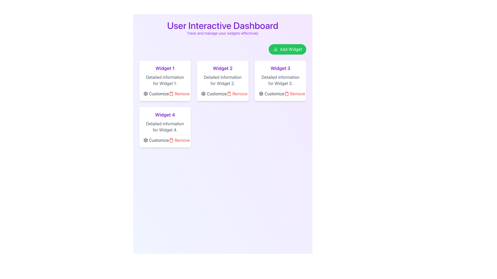 This screenshot has height=279, width=497. What do you see at coordinates (295, 94) in the screenshot?
I see `the second Interactive Link in the options panel of the 'Widget 3' content box` at bounding box center [295, 94].